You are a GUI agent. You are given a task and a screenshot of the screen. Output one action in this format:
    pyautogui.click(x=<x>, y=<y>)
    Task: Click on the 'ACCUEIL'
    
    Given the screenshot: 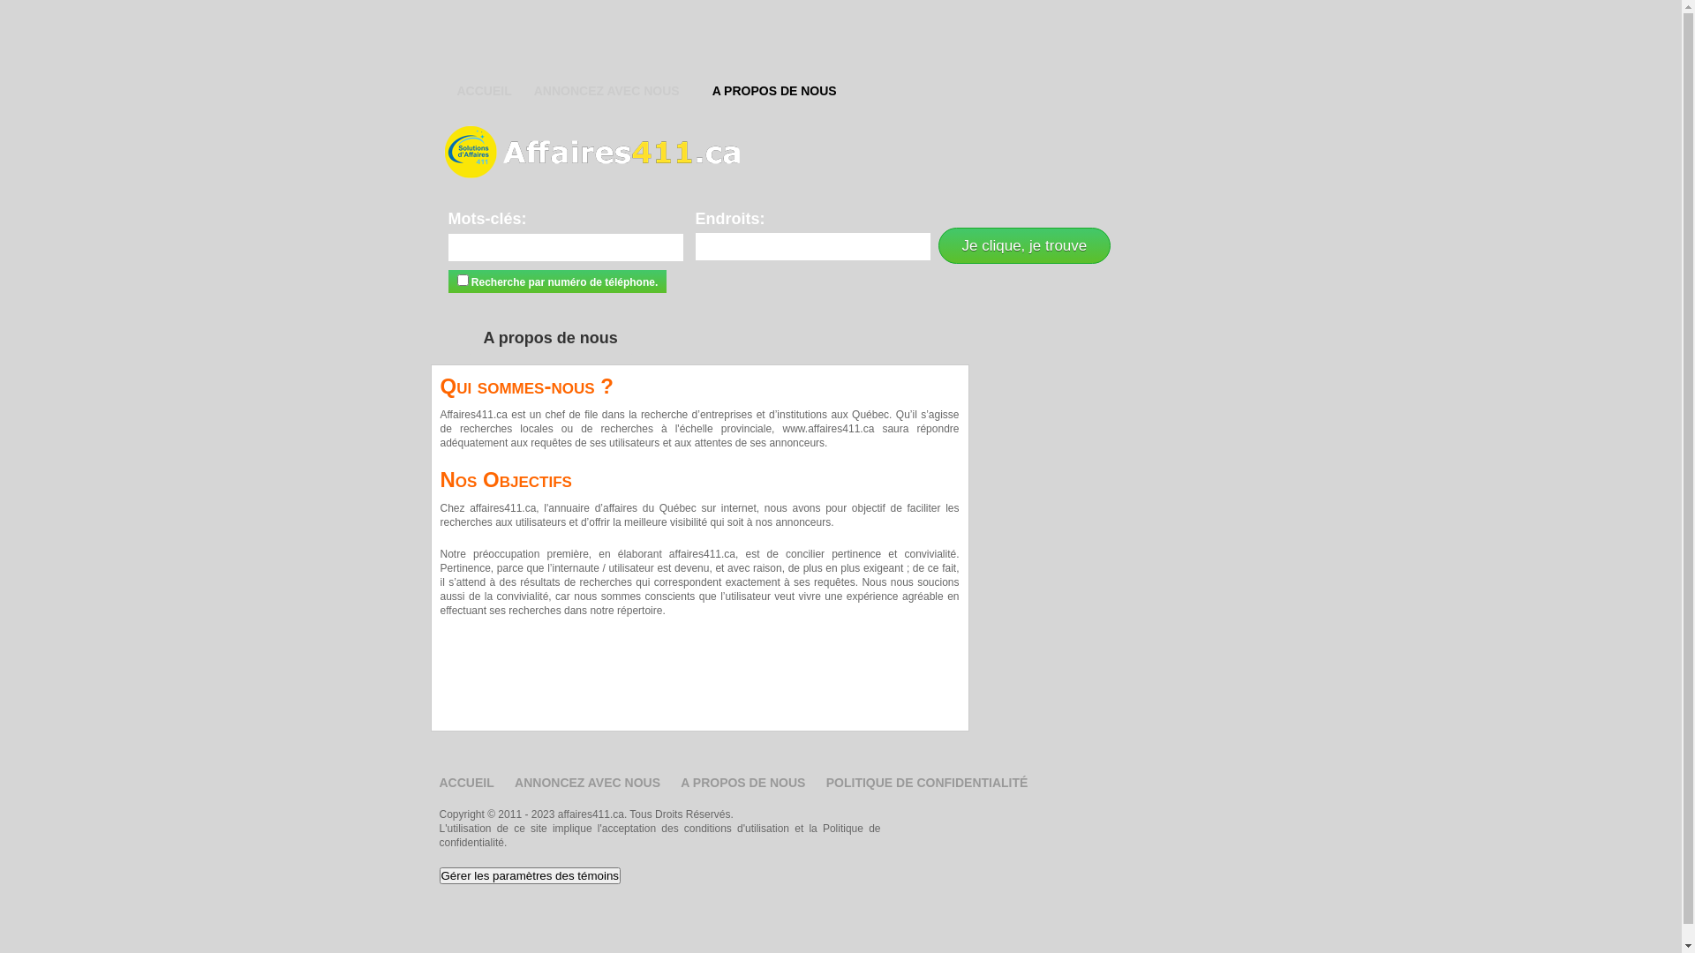 What is the action you would take?
    pyautogui.click(x=440, y=782)
    